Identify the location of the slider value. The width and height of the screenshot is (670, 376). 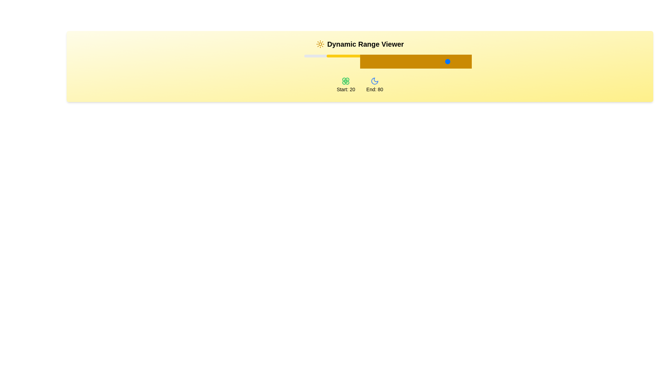
(465, 61).